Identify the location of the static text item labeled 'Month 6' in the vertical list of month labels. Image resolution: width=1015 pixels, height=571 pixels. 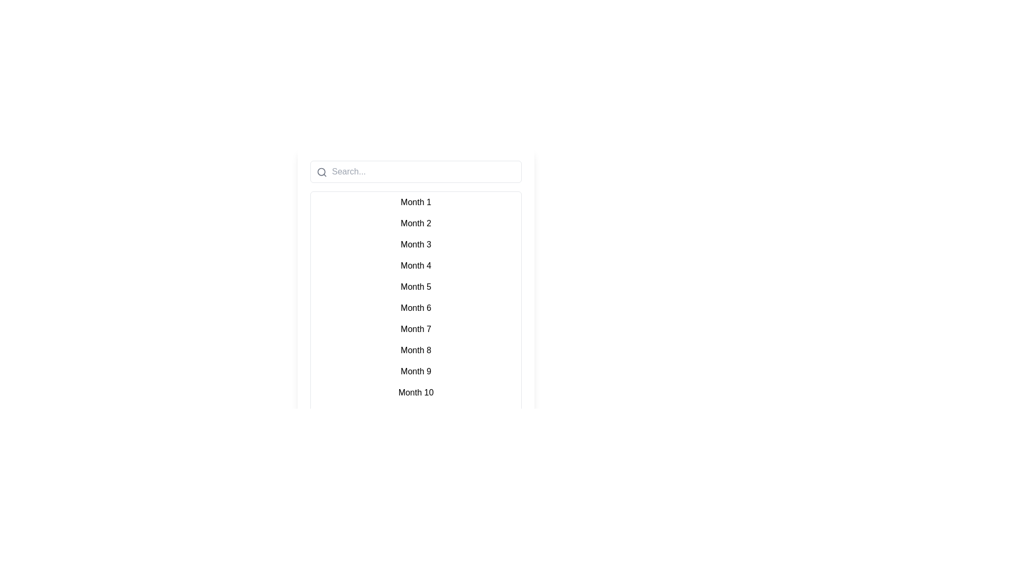
(416, 308).